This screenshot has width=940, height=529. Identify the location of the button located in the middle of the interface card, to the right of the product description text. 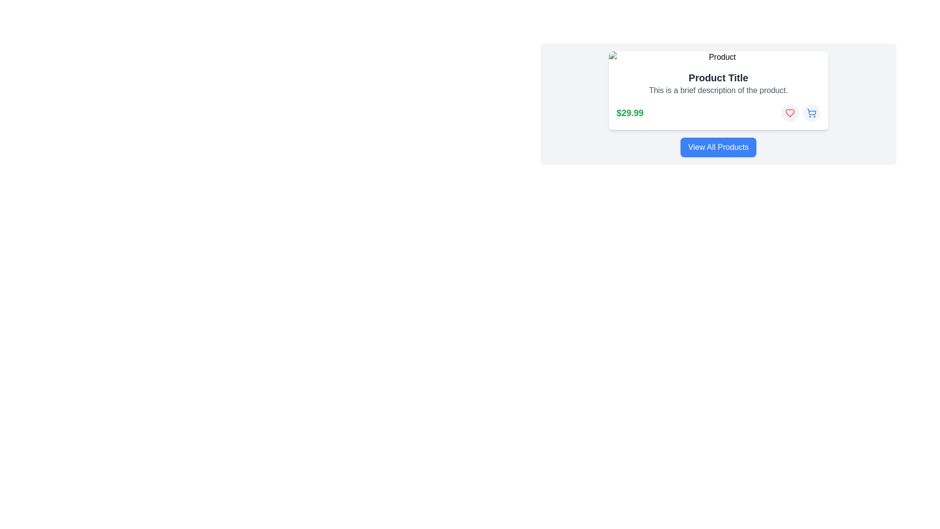
(790, 113).